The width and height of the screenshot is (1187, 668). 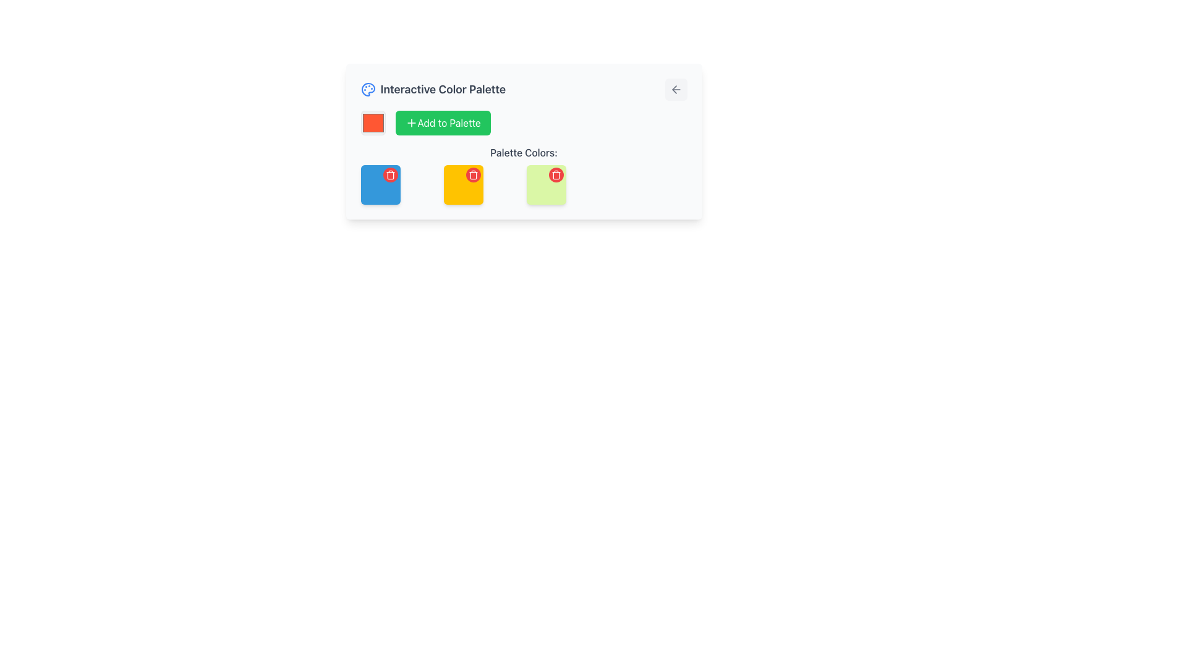 I want to click on the circular blue icon resembling a palette for painting, which is the leading component of the 'Interactive Color Palette' group, so click(x=367, y=89).